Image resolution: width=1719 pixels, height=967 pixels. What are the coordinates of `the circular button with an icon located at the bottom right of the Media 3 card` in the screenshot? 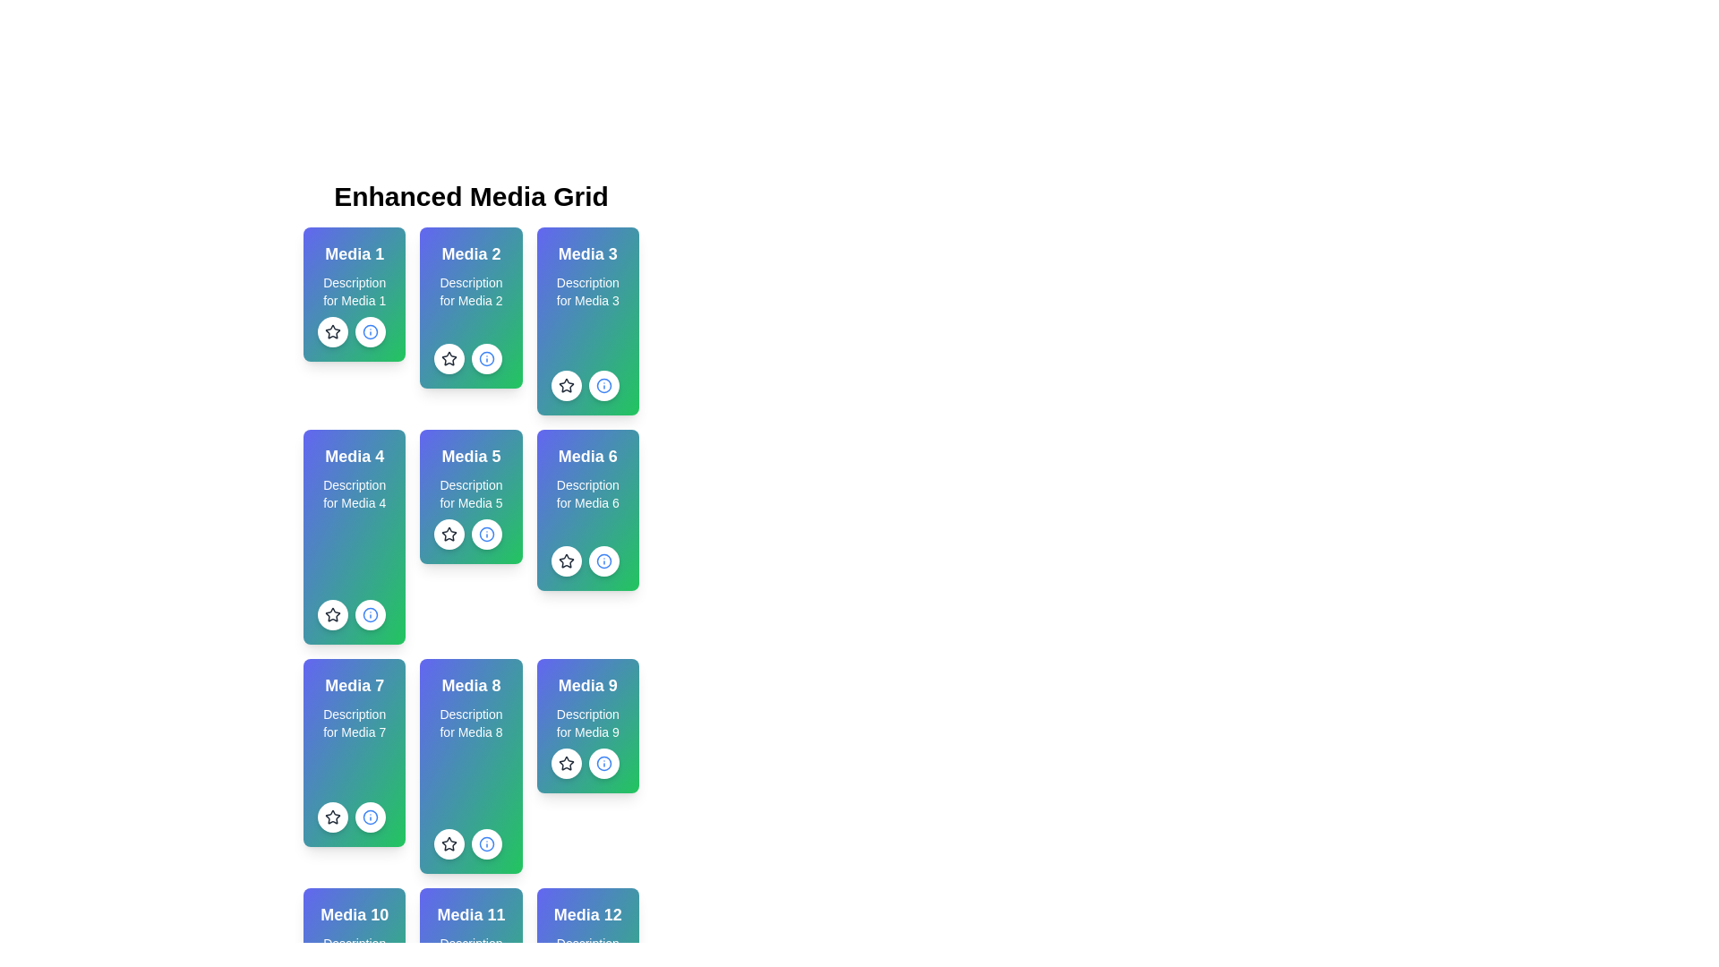 It's located at (603, 385).